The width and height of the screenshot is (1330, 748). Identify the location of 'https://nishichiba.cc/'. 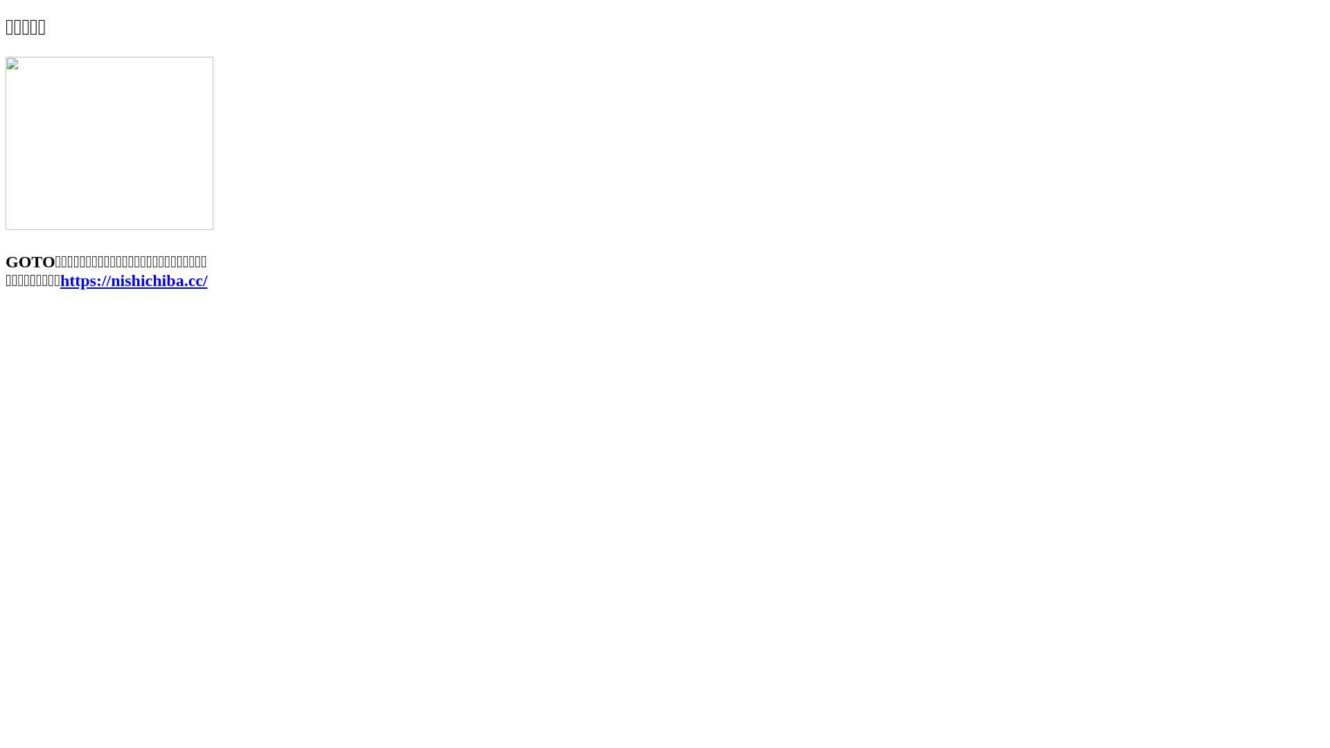
(134, 280).